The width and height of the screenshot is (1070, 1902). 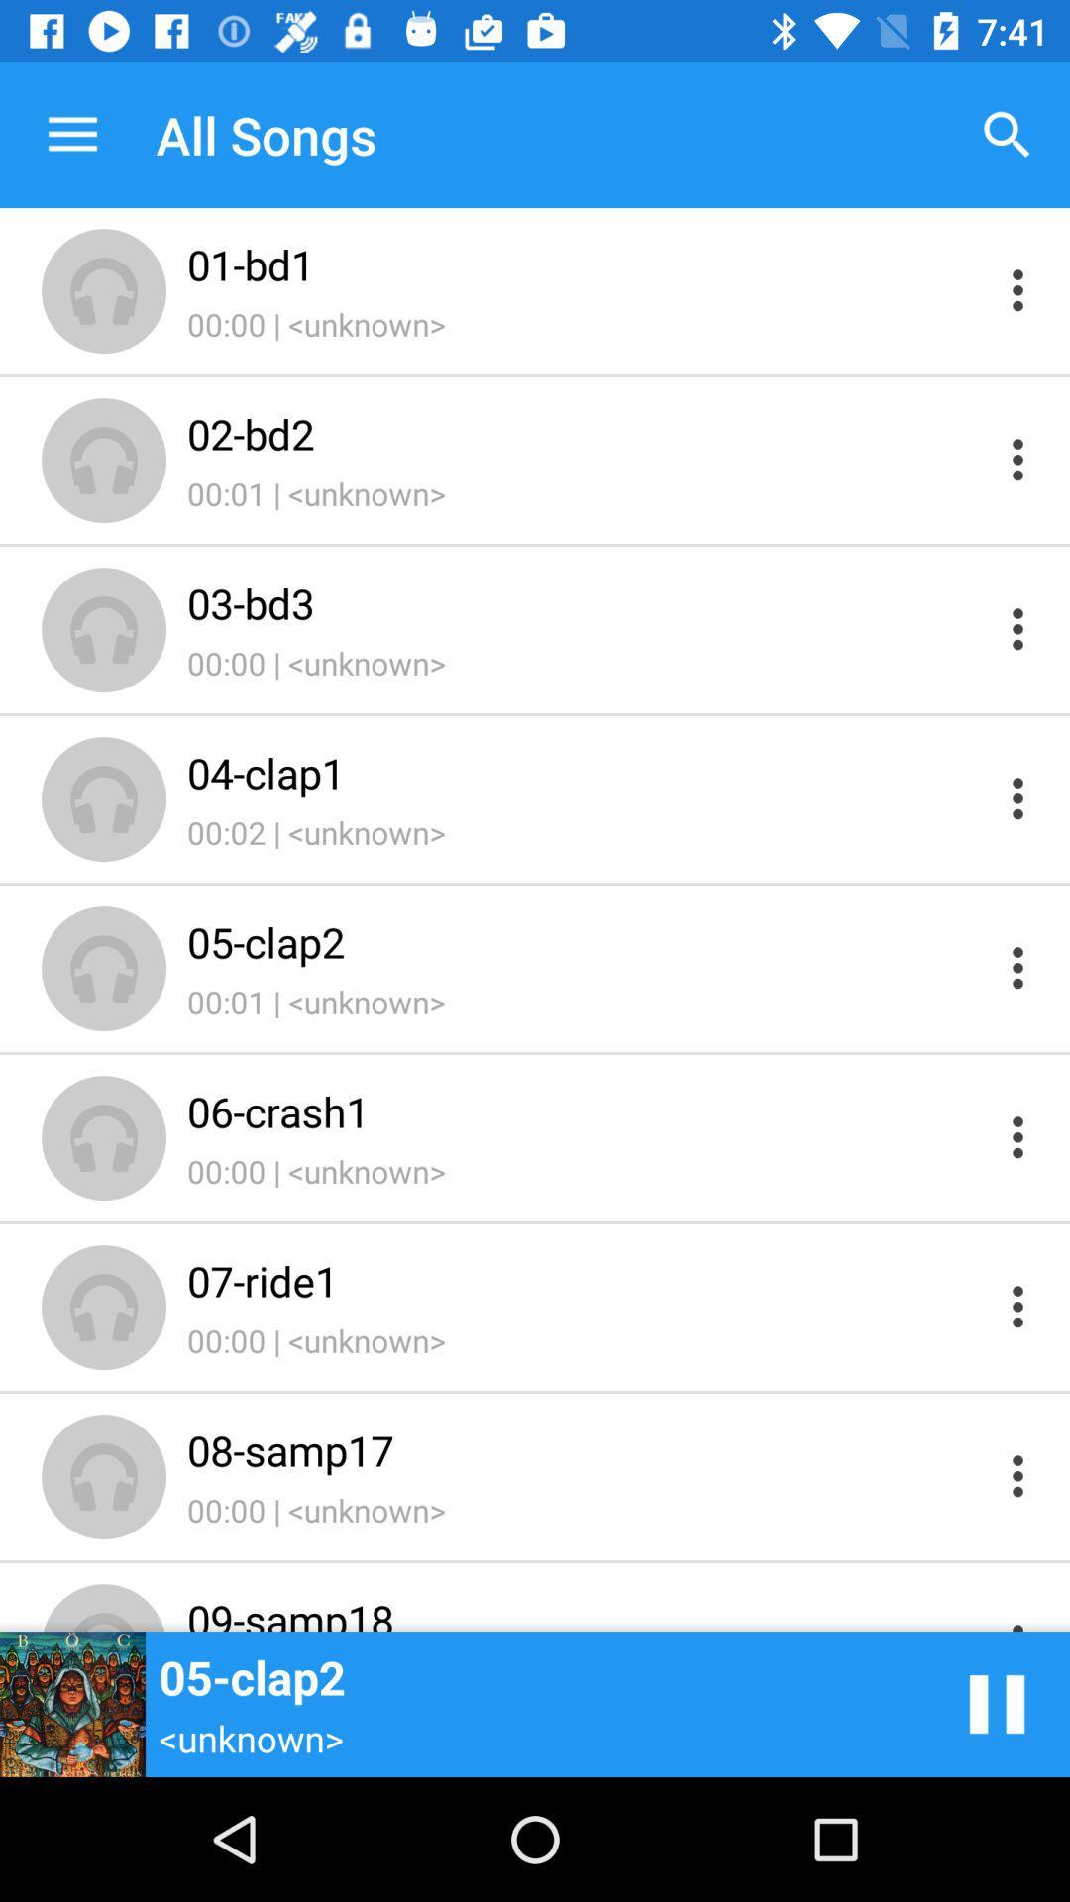 I want to click on the item below 00:00 | <unknown>, so click(x=586, y=432).